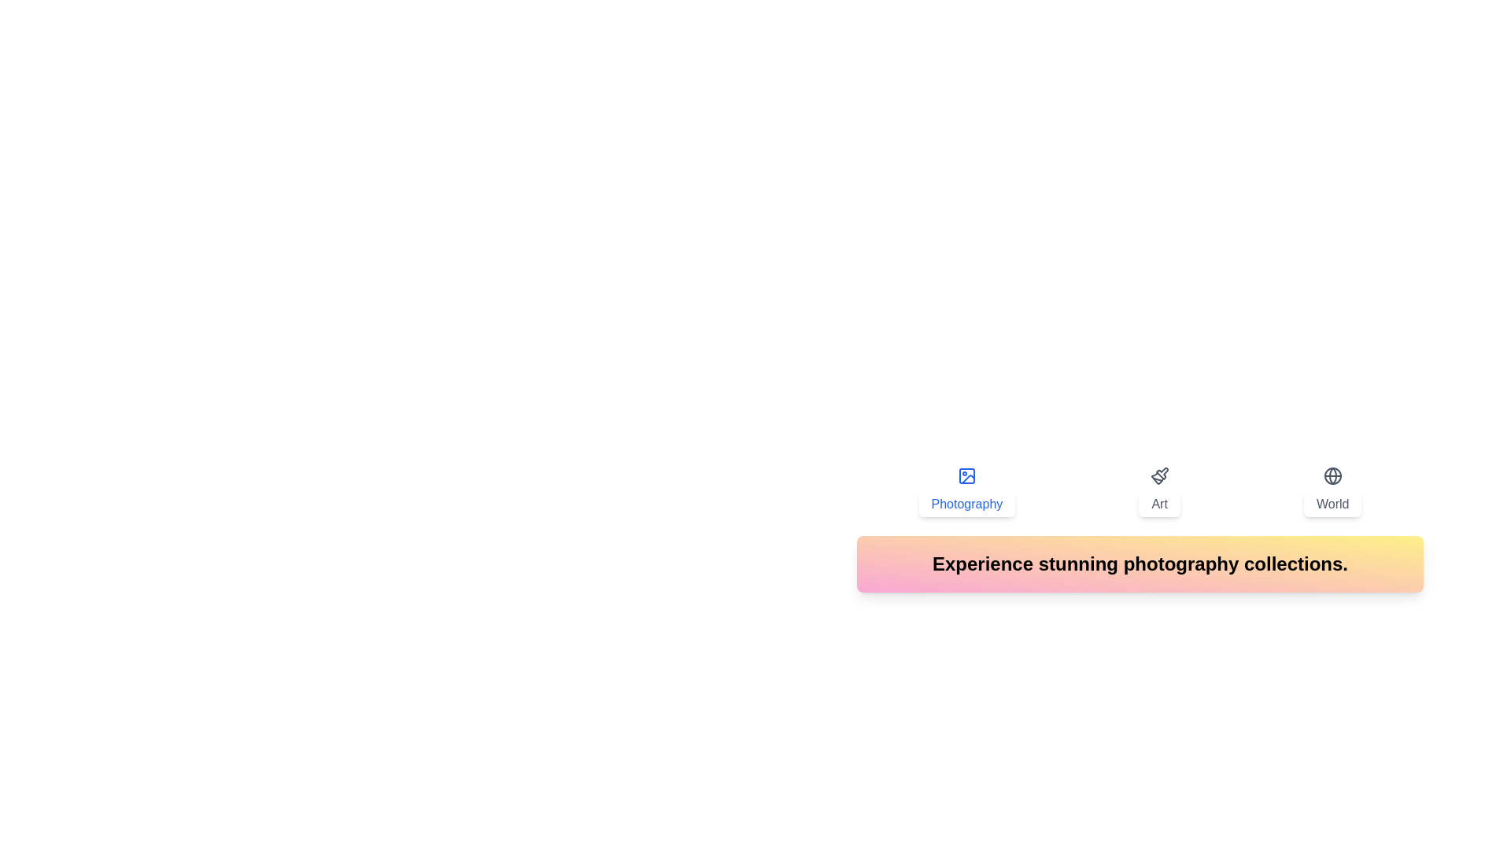 This screenshot has width=1511, height=850. I want to click on the content display area of the active tab, so click(1140, 564).